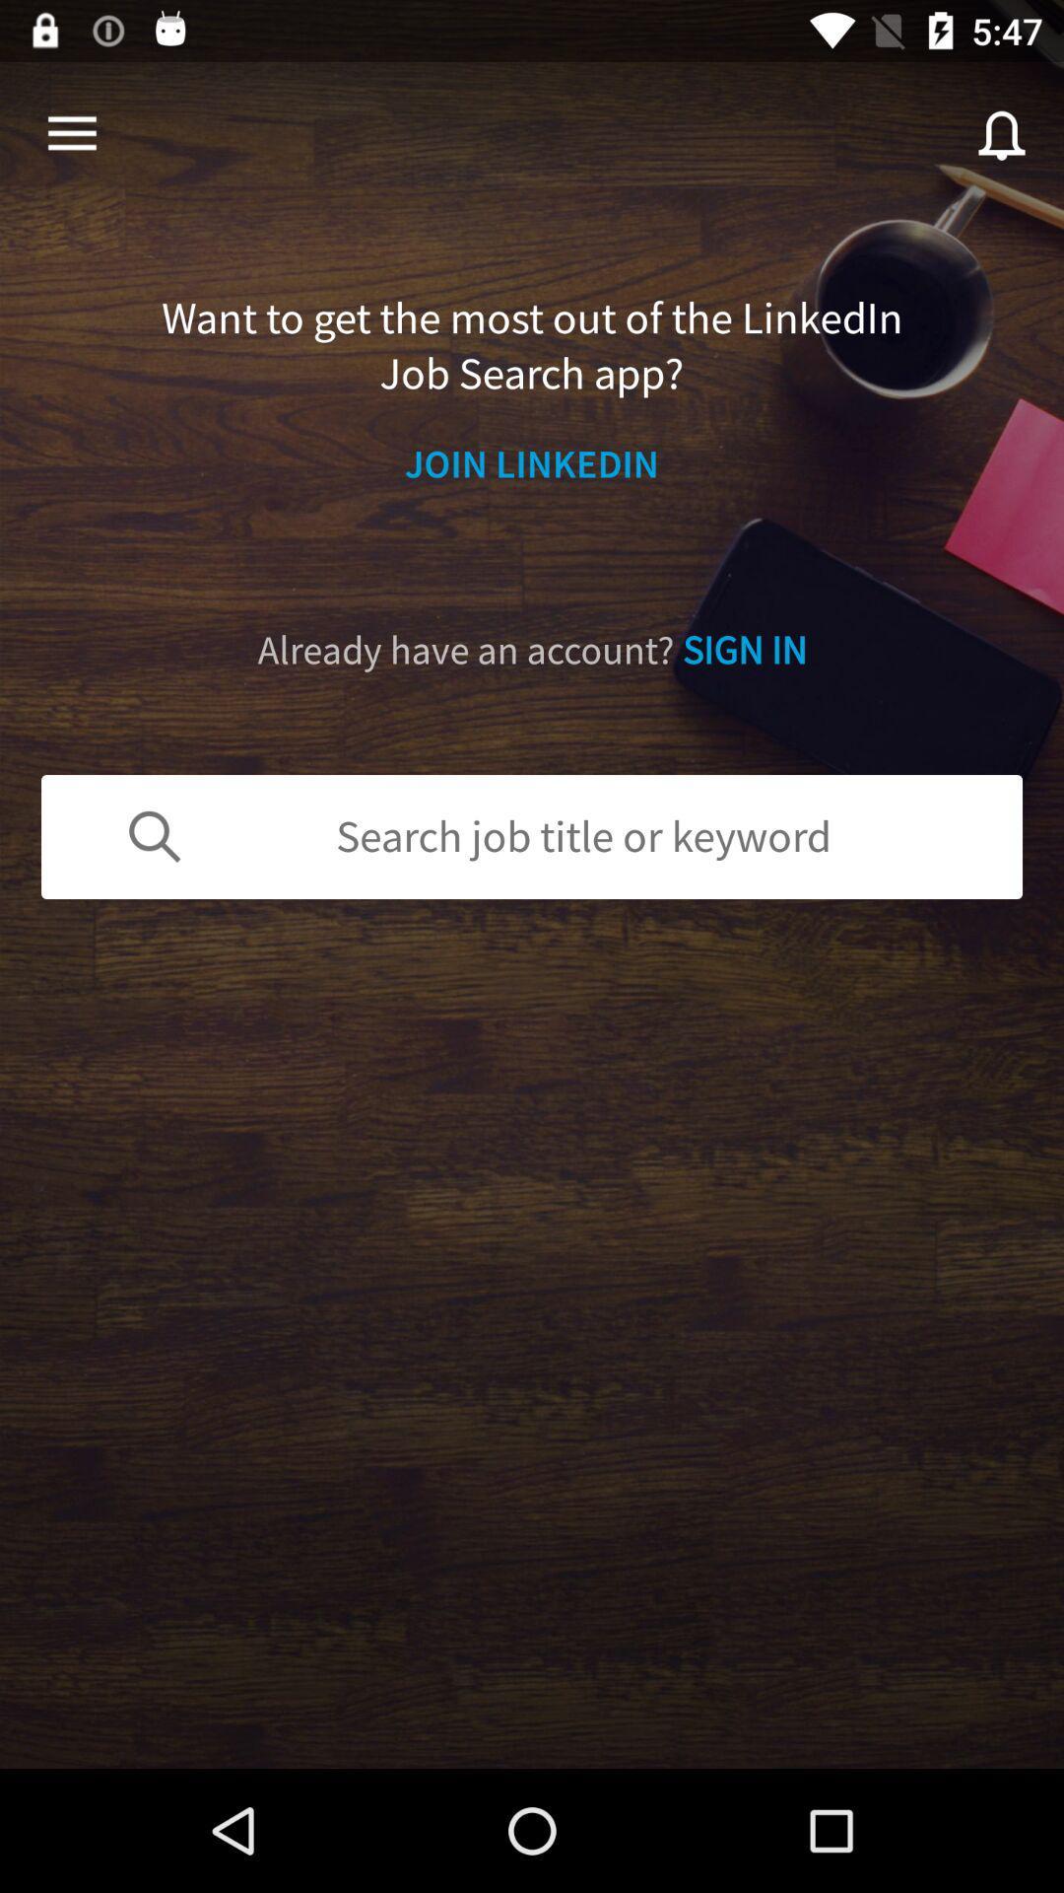 The image size is (1064, 1893). What do you see at coordinates (71, 133) in the screenshot?
I see `item to the left of the search` at bounding box center [71, 133].